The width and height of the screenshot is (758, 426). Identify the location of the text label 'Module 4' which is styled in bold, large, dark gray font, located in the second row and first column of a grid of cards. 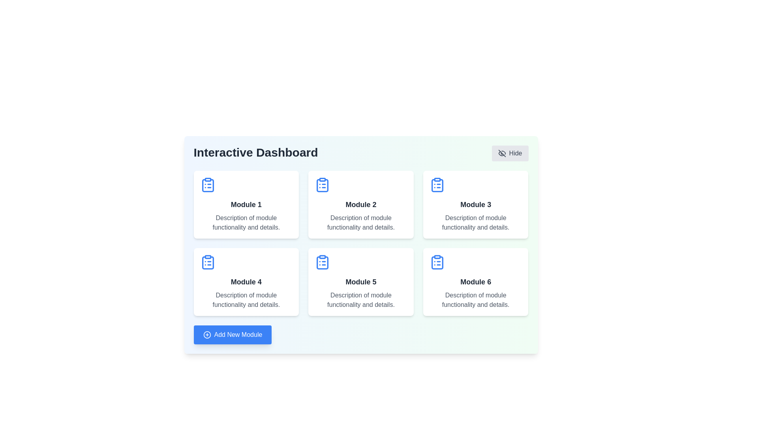
(246, 281).